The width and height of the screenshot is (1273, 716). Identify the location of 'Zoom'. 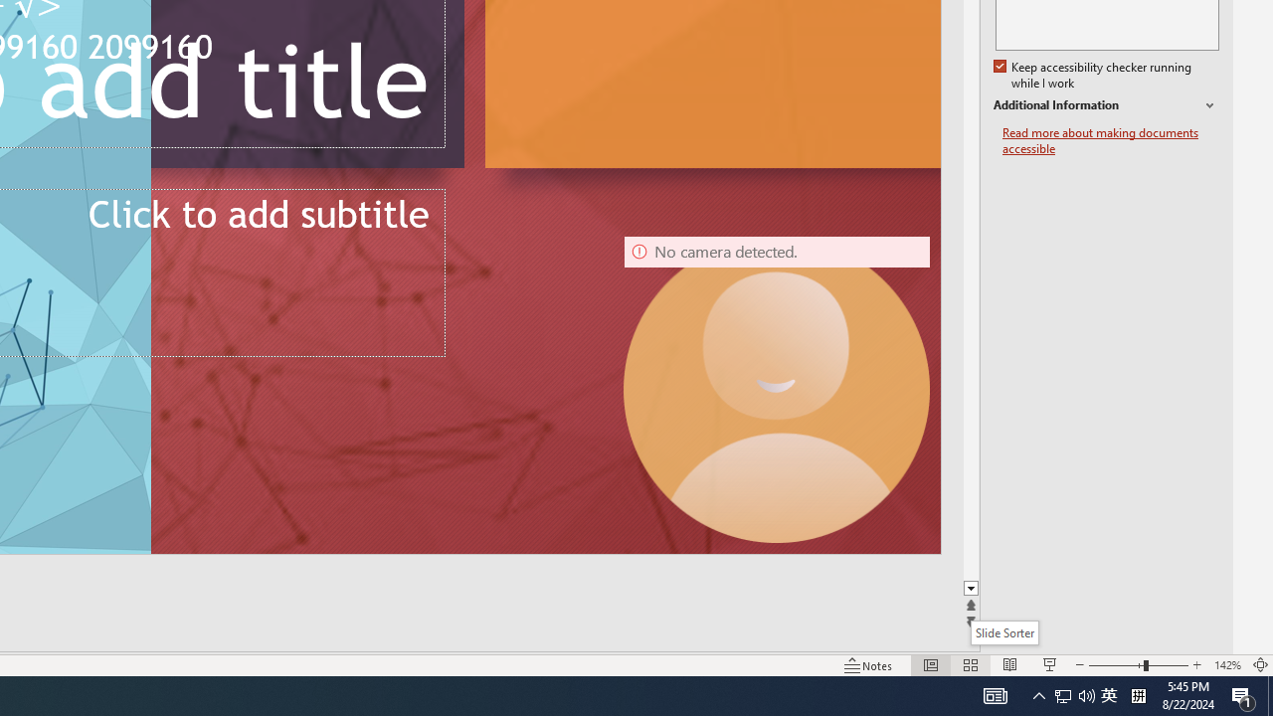
(1138, 665).